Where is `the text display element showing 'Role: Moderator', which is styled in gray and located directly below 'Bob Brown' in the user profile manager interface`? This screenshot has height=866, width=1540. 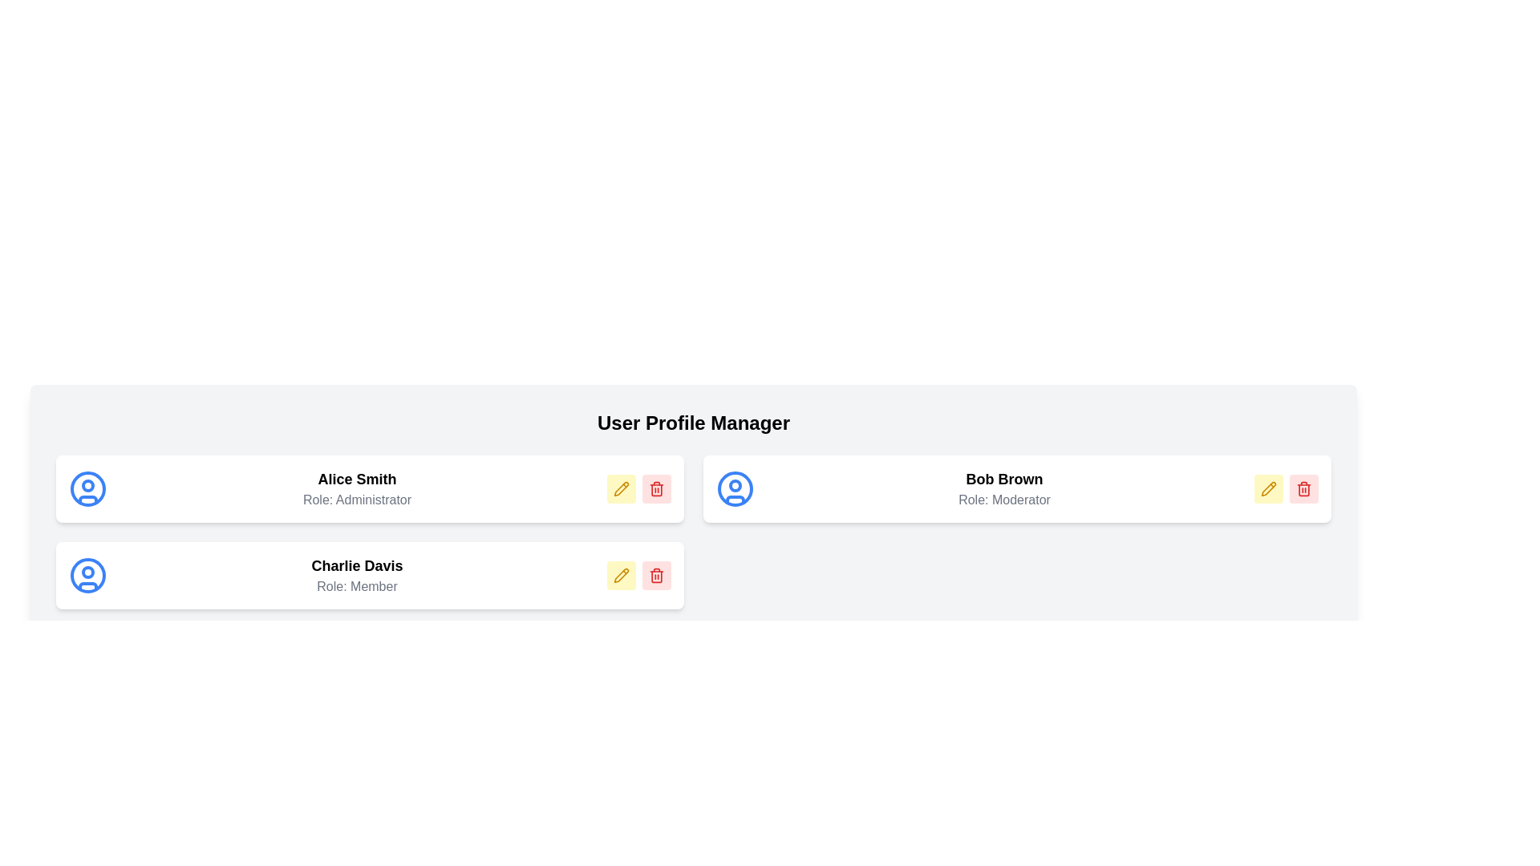 the text display element showing 'Role: Moderator', which is styled in gray and located directly below 'Bob Brown' in the user profile manager interface is located at coordinates (1003, 500).